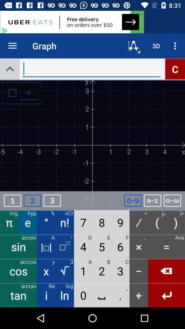 The width and height of the screenshot is (185, 329). Describe the element at coordinates (91, 69) in the screenshot. I see `search bar` at that location.